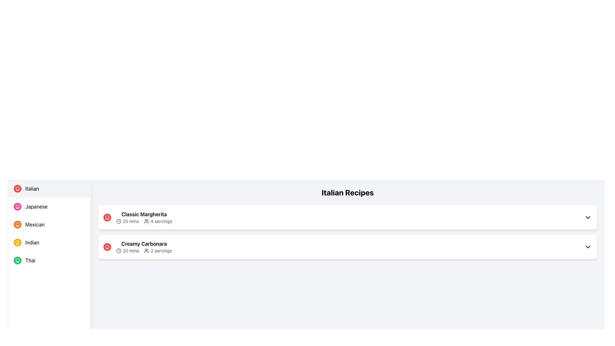  I want to click on the Content Display Section for the recipe entry under the 'Italian Recipes' section, specifically the second entry that follows 'Classic Margherita', so click(137, 247).